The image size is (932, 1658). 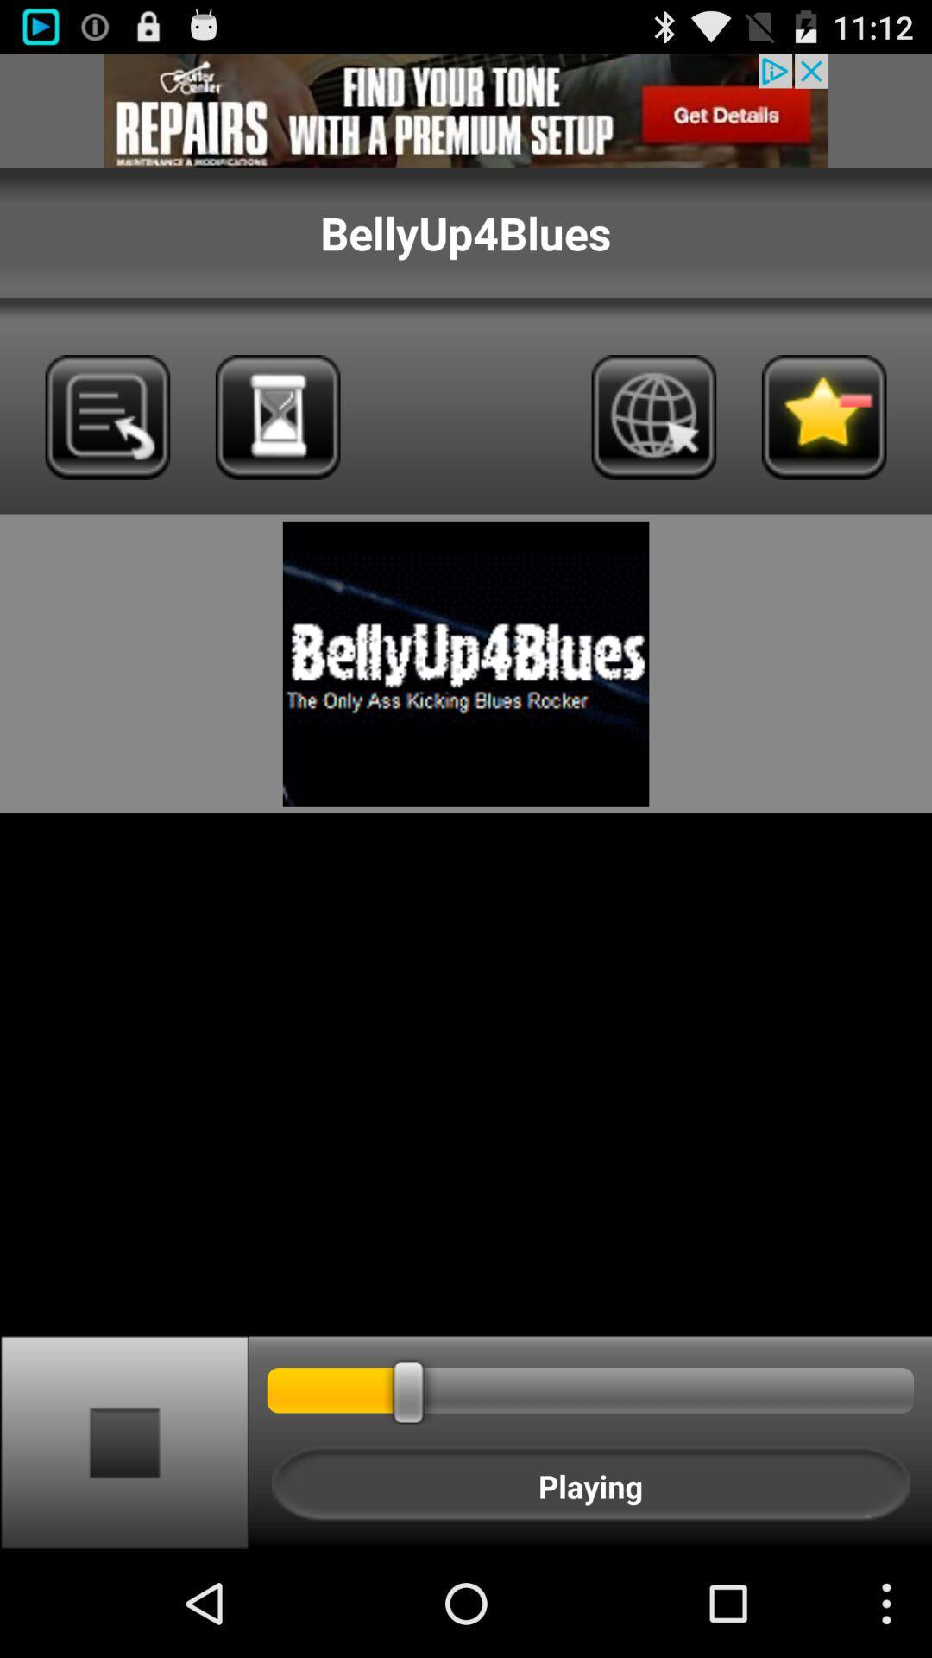 I want to click on search for stations, so click(x=277, y=417).